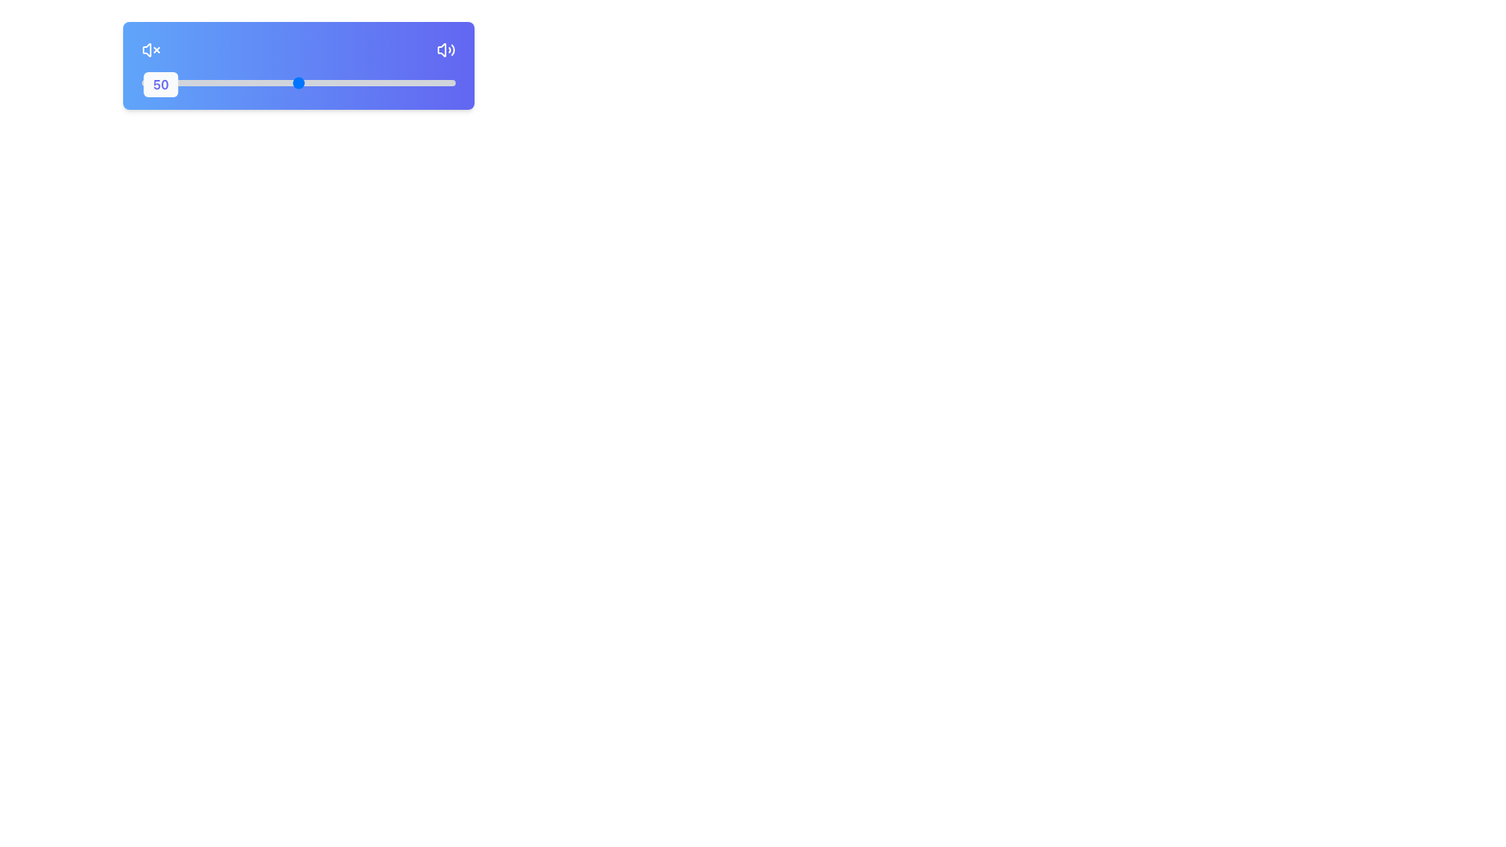 The width and height of the screenshot is (1506, 847). Describe the element at coordinates (452, 49) in the screenshot. I see `the outermost sound wave of the volume icon, which is the third of three lines in the volume control interface, located near the right side of the interface` at that location.